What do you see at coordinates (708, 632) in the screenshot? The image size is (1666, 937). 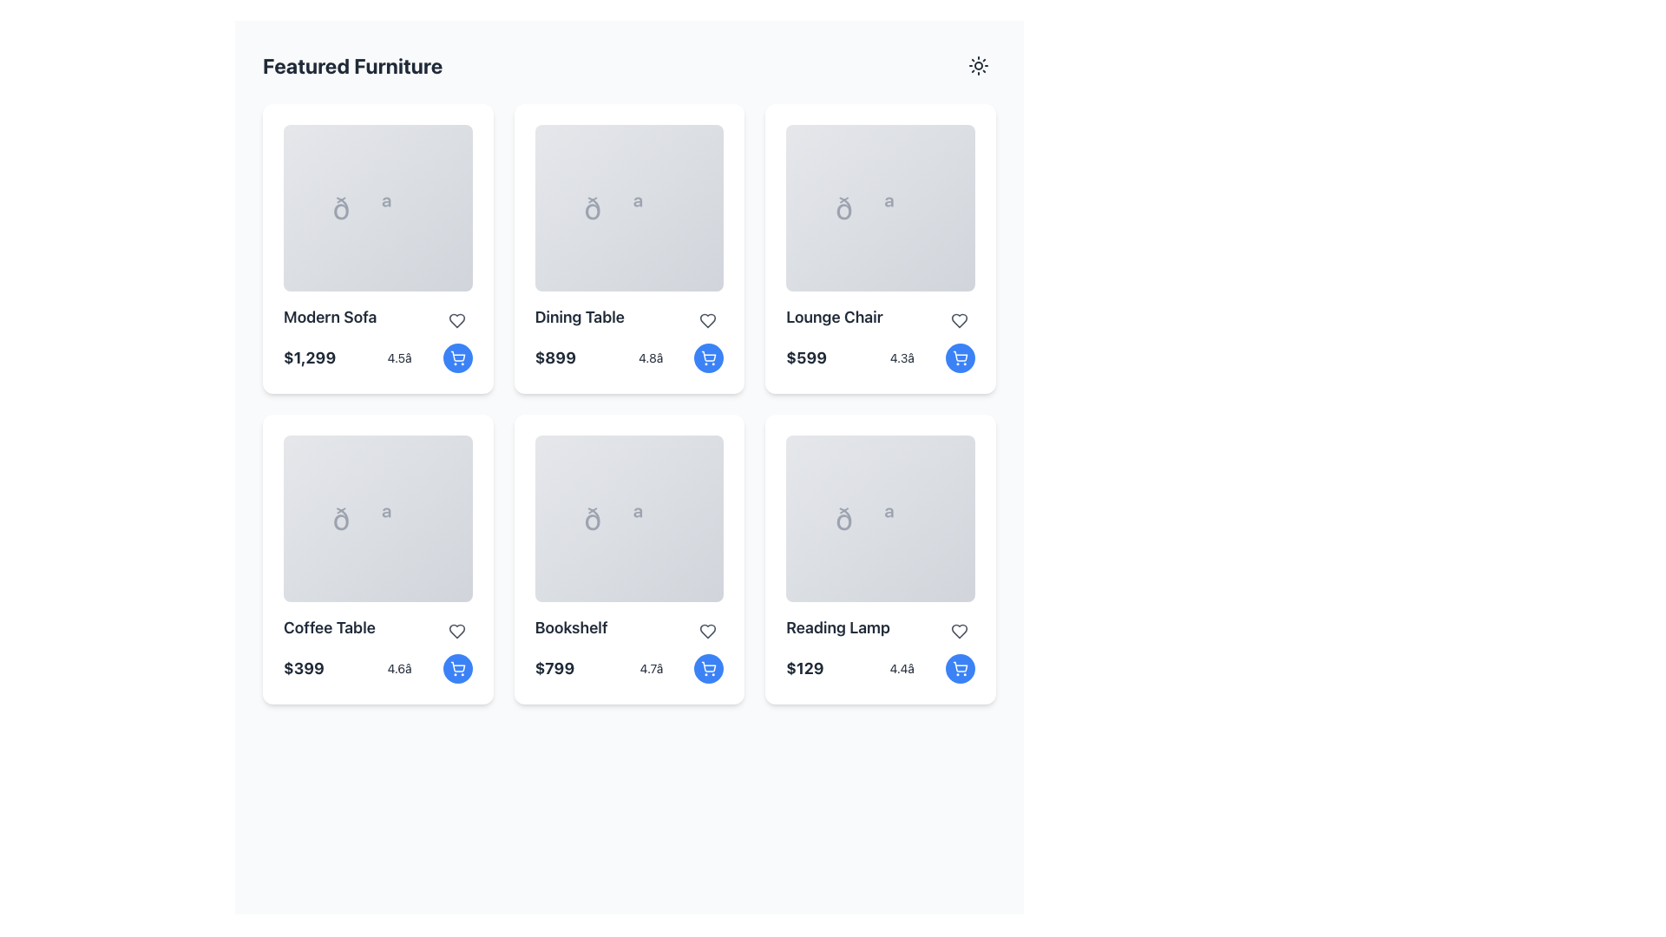 I see `the 'like' button located at the top-right corner of the 'Bookshelf' card` at bounding box center [708, 632].